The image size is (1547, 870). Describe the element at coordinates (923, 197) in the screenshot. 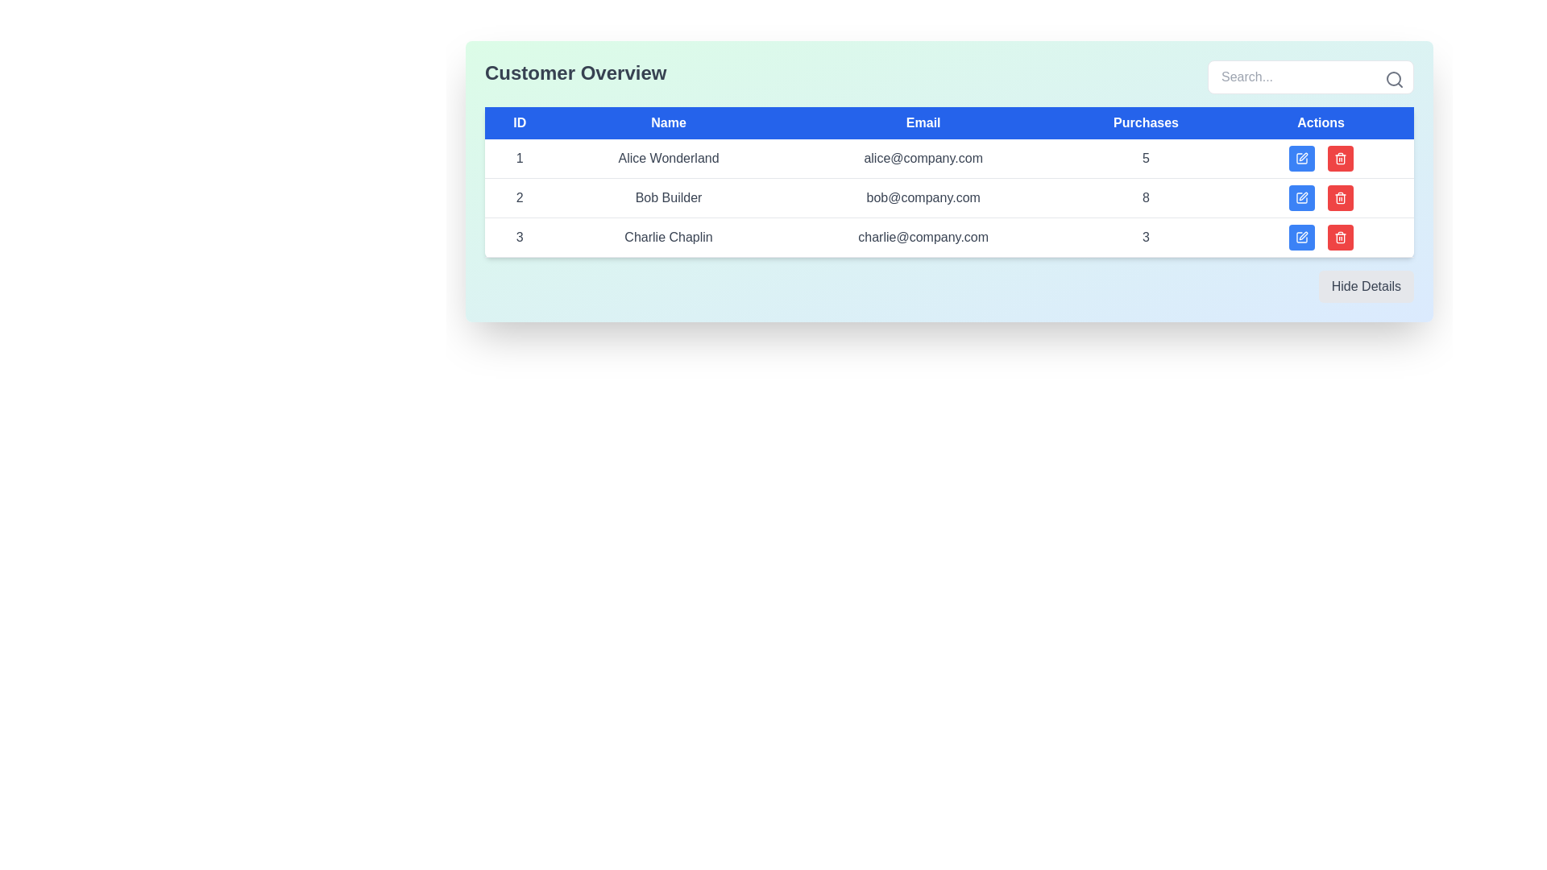

I see `the static text label displaying 'bob@company.com' located in the third cell of the row for 'Bob Builder' under the 'Email' column` at that location.